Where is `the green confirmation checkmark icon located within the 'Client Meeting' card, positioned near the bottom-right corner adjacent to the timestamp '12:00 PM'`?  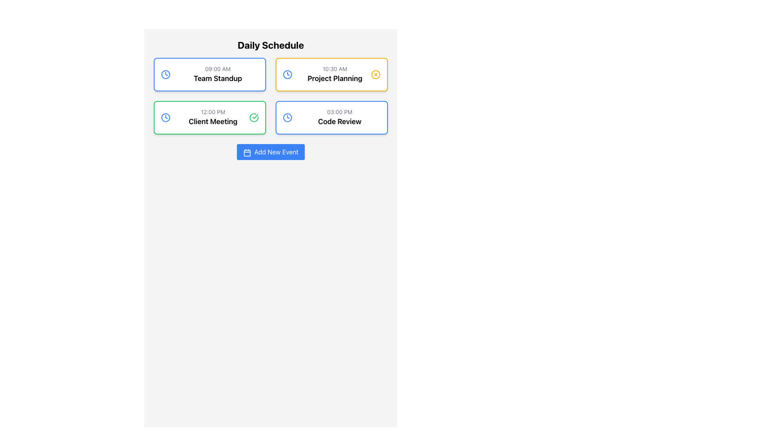
the green confirmation checkmark icon located within the 'Client Meeting' card, positioned near the bottom-right corner adjacent to the timestamp '12:00 PM' is located at coordinates (255, 117).